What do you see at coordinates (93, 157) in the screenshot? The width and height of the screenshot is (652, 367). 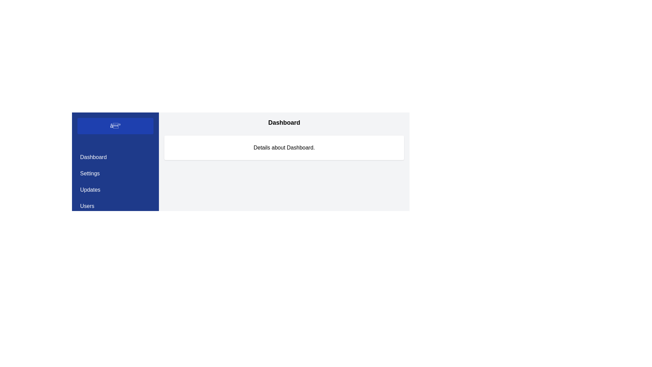 I see `the topmost navigation link or label in the left-side menu` at bounding box center [93, 157].